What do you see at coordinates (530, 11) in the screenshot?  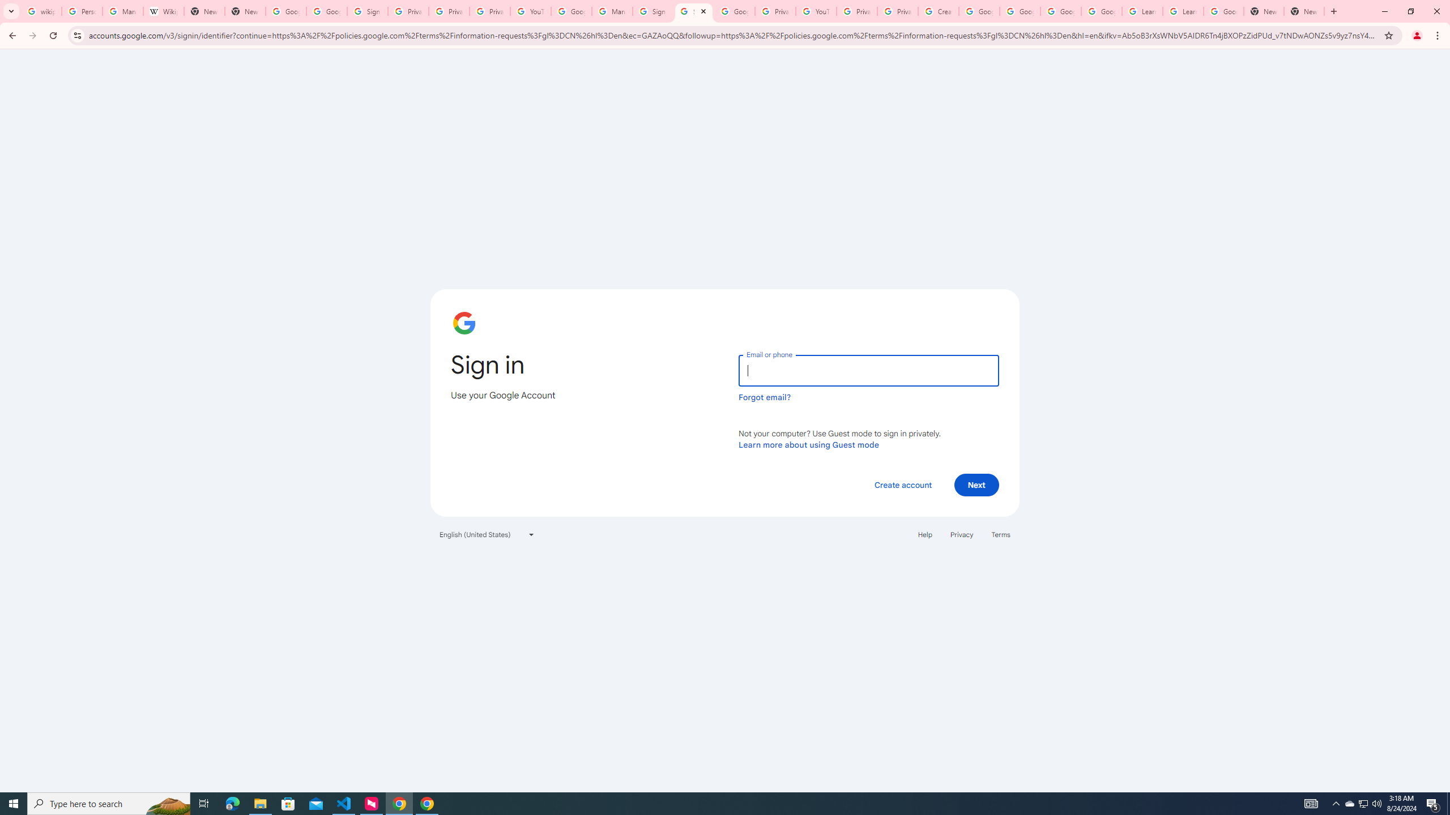 I see `'YouTube'` at bounding box center [530, 11].